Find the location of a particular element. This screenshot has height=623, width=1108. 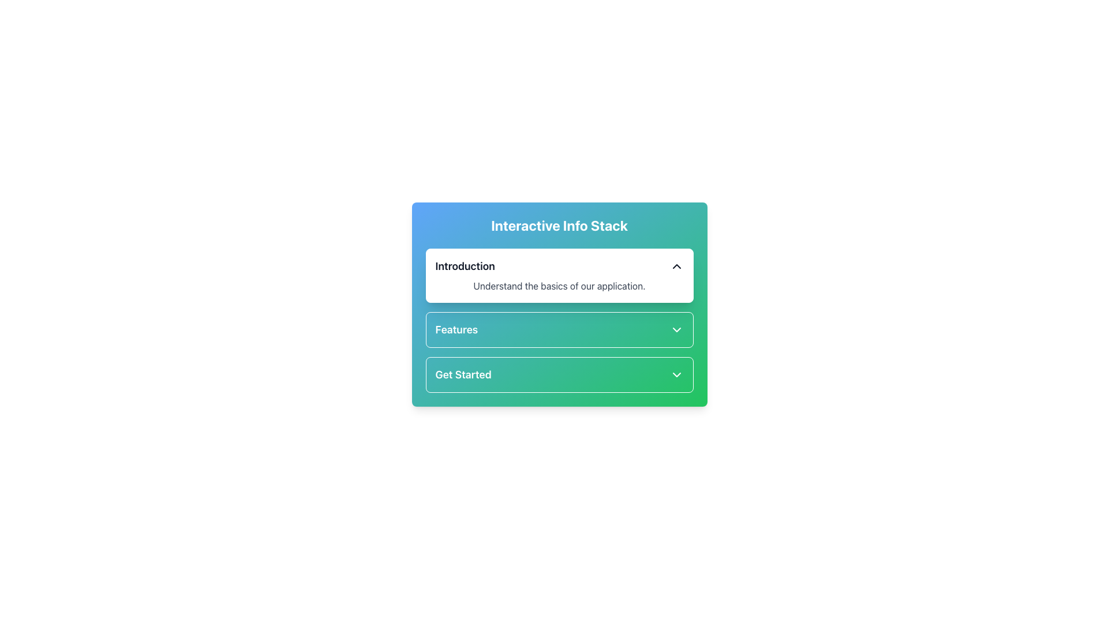

the 'Get Started' label which is styled with a medium-sized, bold font on a green-gradient background, located at the bottom of a vertically stacked interface, aligned to the left is located at coordinates (463, 375).